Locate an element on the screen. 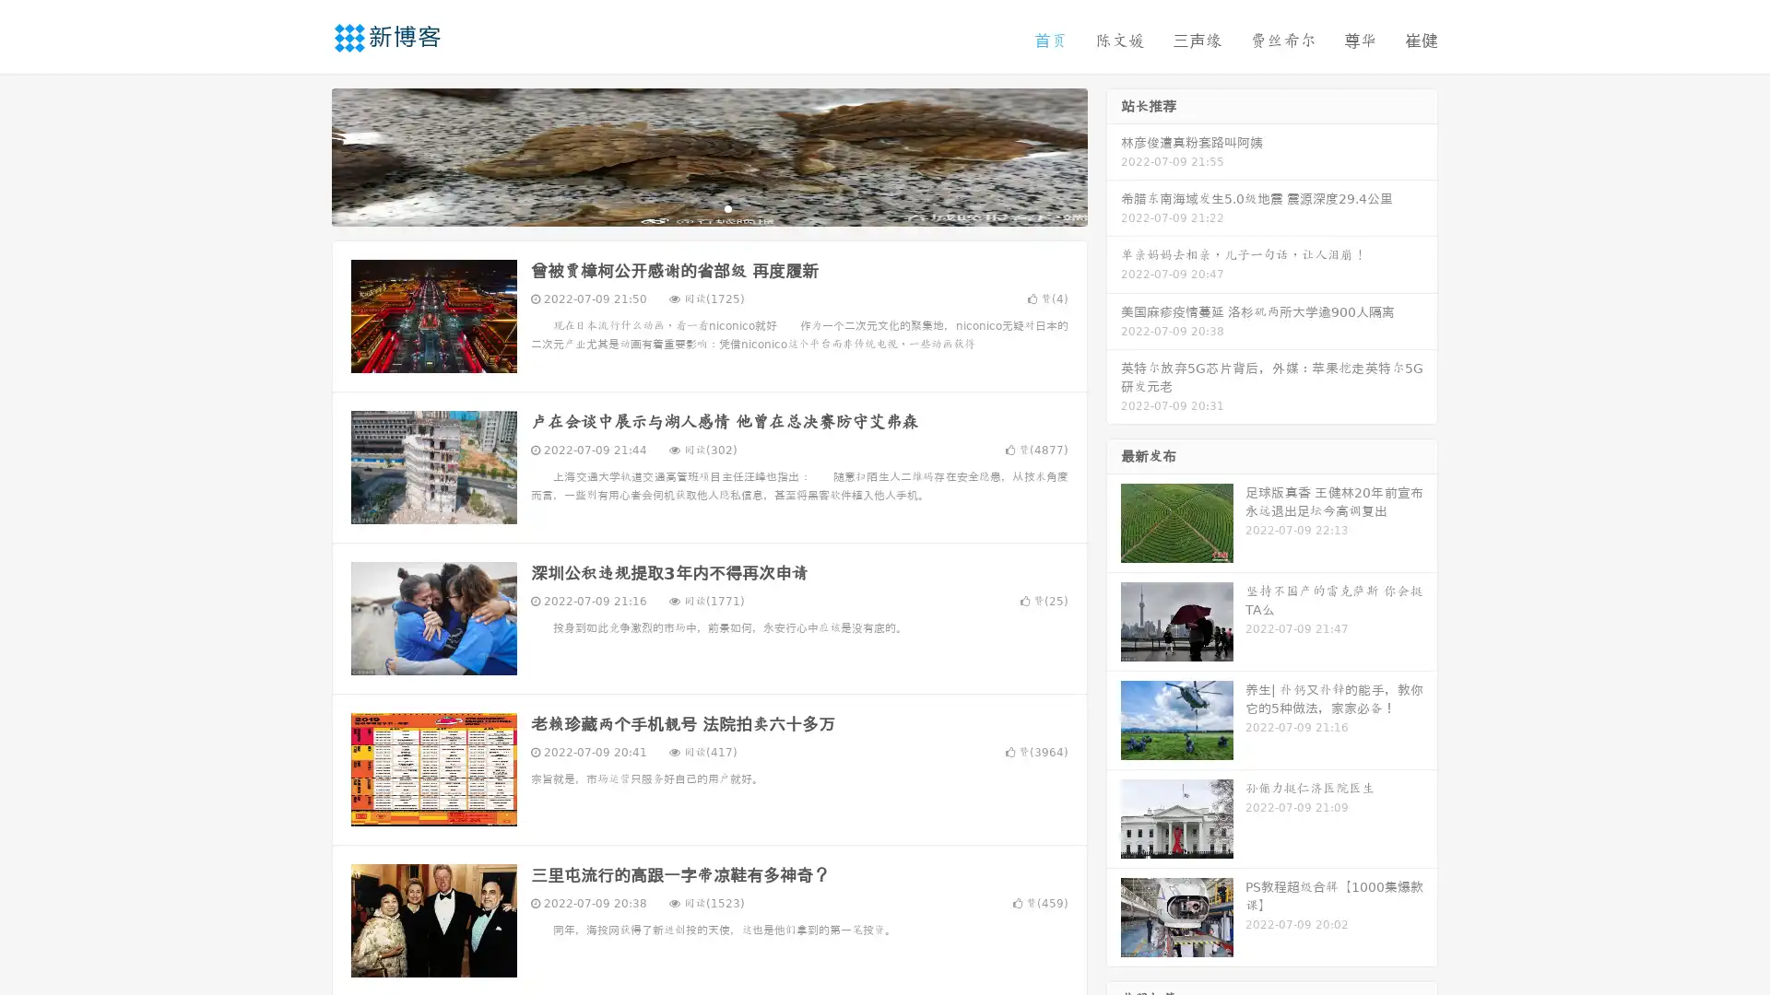 The image size is (1770, 995). Go to slide 1 is located at coordinates (690, 207).